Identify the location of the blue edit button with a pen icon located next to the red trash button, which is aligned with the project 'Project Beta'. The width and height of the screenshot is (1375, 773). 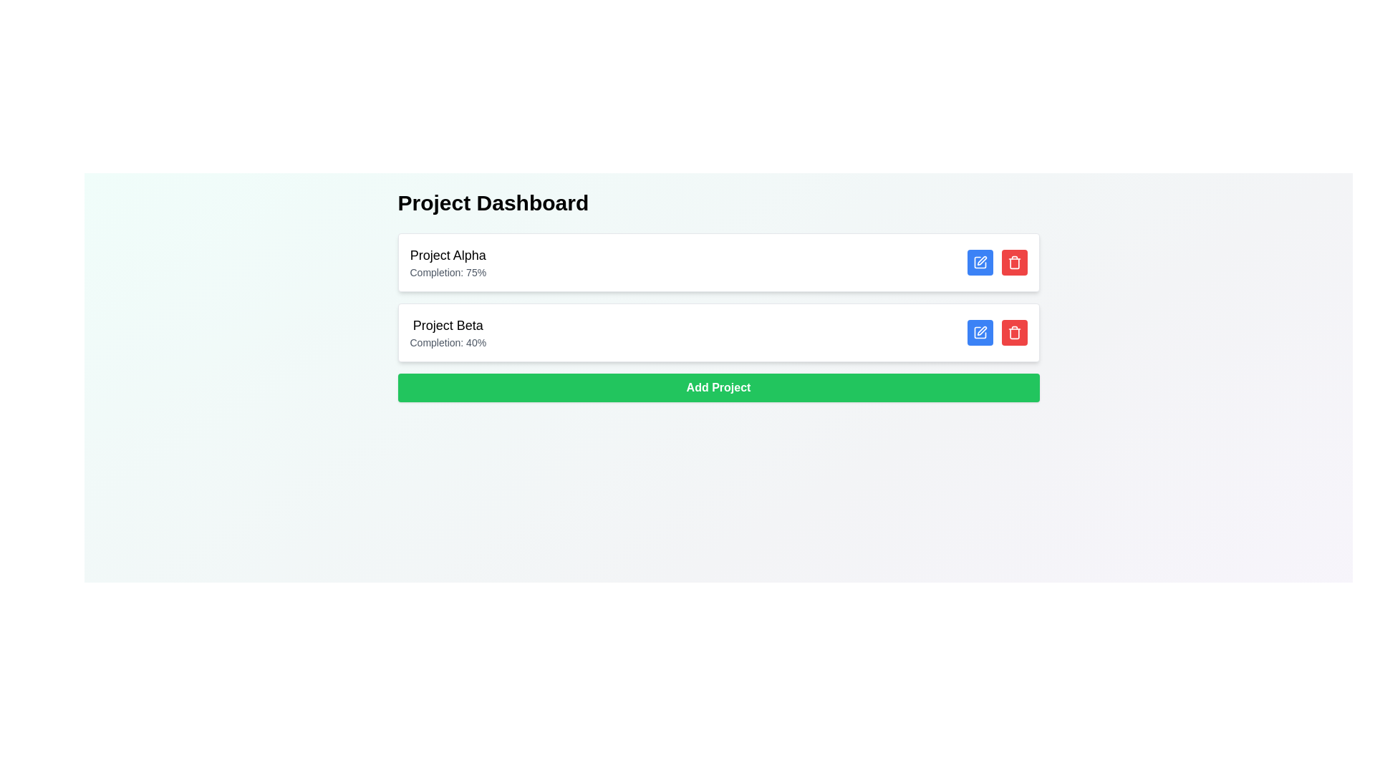
(979, 333).